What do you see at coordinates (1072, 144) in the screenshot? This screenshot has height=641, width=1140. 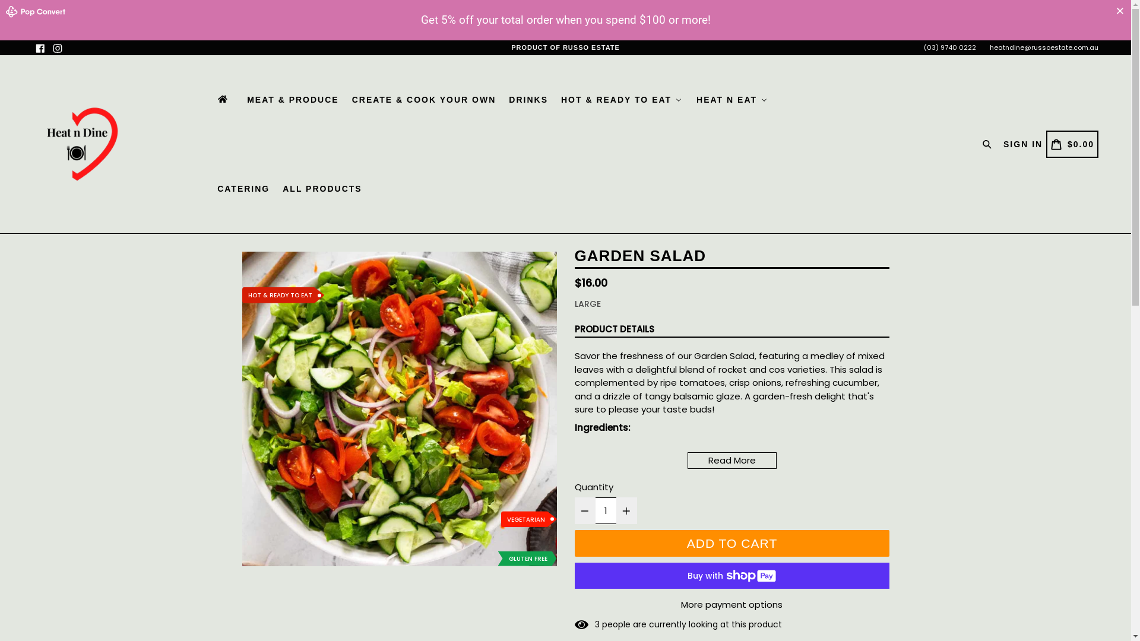 I see `'CART` at bounding box center [1072, 144].